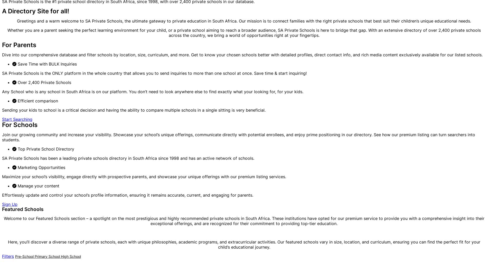 The image size is (488, 265). I want to click on 'Filters', so click(2, 256).